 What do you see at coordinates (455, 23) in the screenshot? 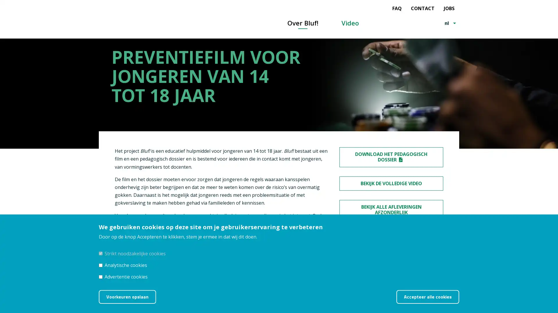
I see `other languages` at bounding box center [455, 23].